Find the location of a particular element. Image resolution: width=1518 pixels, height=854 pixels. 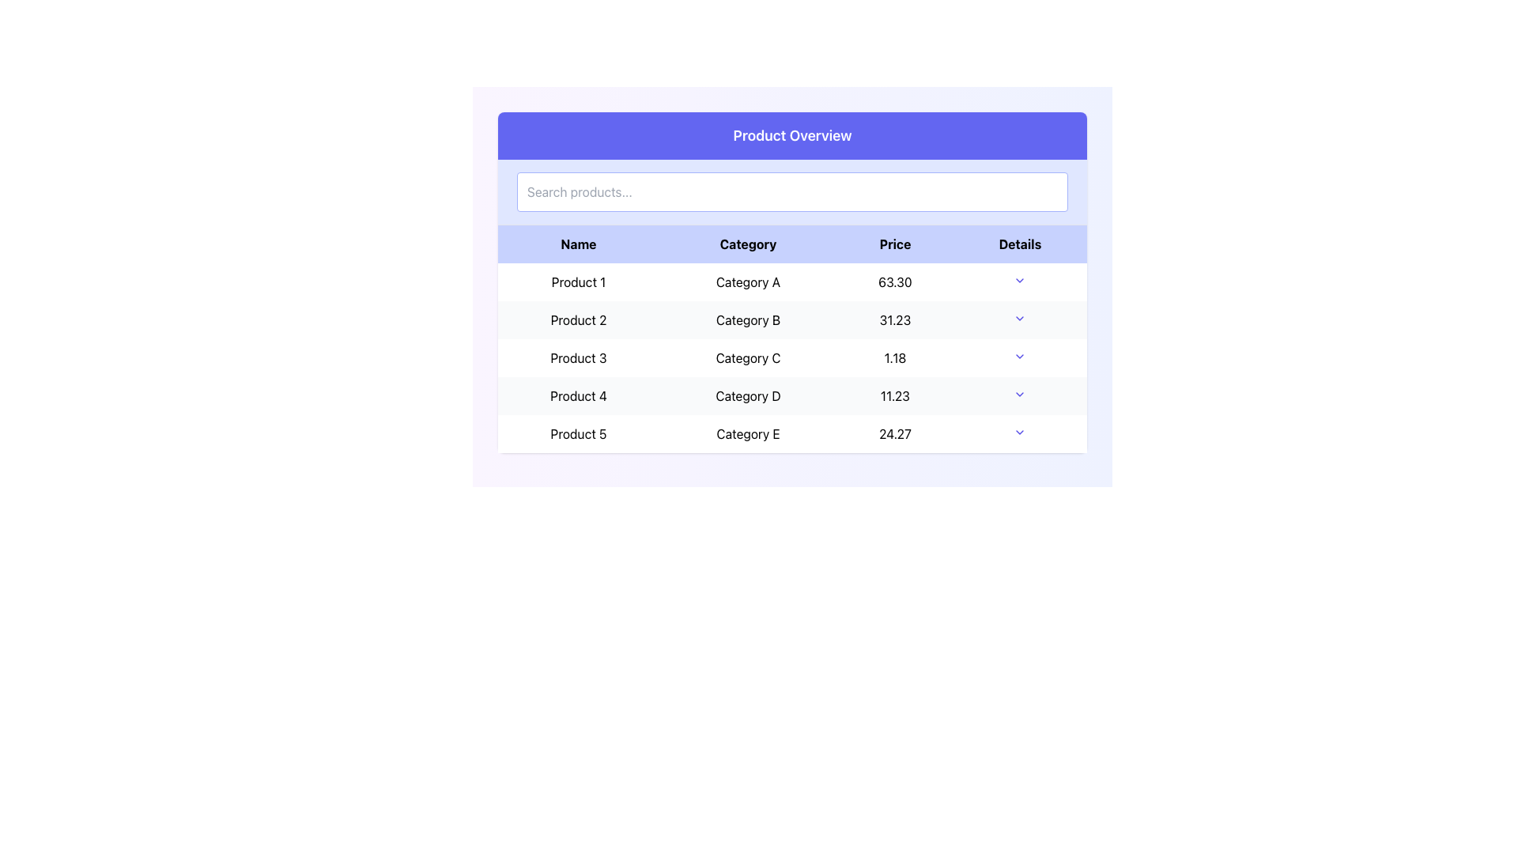

text displayed in the 'Product 1' label located in the first row of the table under the 'Name' column is located at coordinates (578, 282).